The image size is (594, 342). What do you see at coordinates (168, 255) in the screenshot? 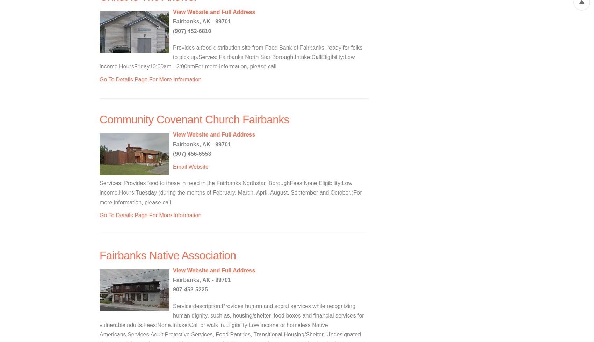
I see `'Fairbanks Native Association'` at bounding box center [168, 255].